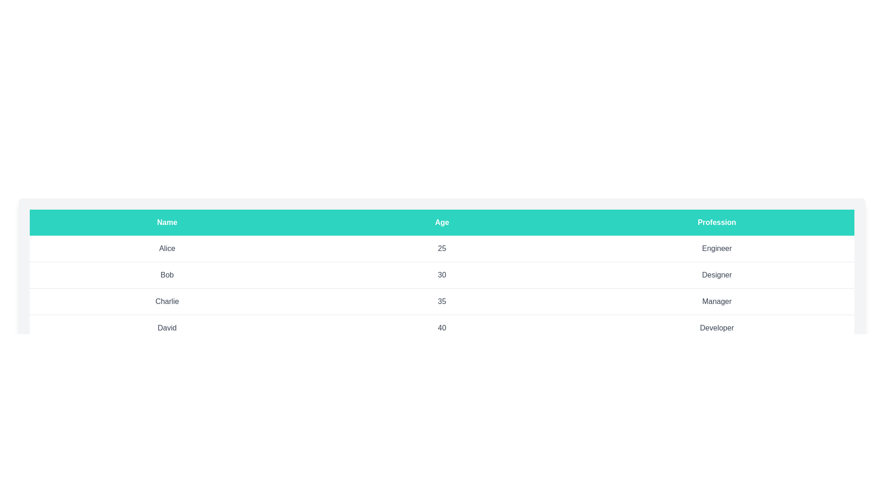  Describe the element at coordinates (167, 301) in the screenshot. I see `the text label displaying 'Charlie' which is the first cell in the third row of the table under the 'Name' column` at that location.